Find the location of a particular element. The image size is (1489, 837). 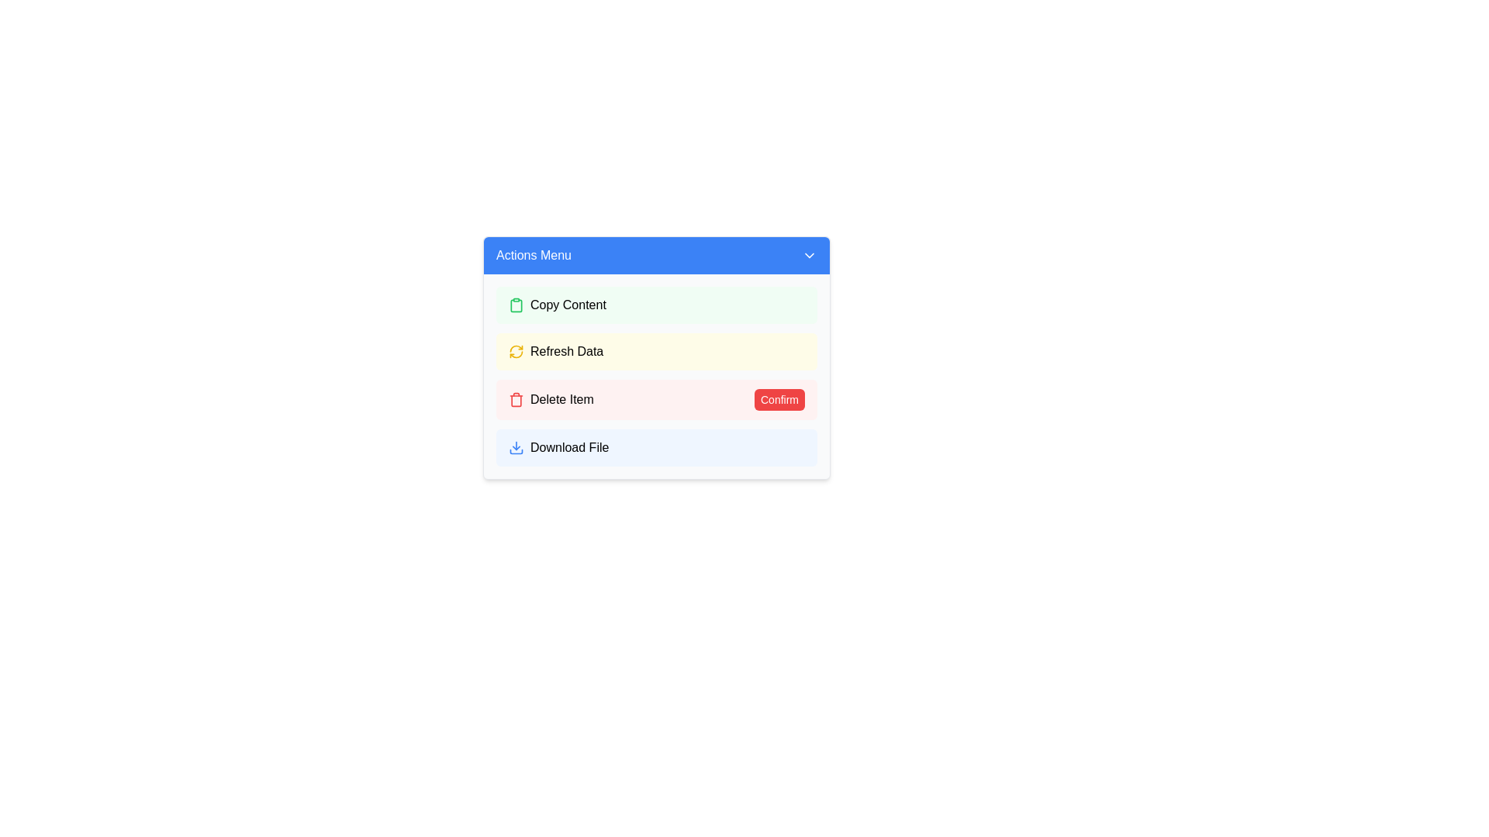

the Chevron Down icon located on the far-right side of the blue header bar labeled 'Actions Menu' is located at coordinates (808, 255).